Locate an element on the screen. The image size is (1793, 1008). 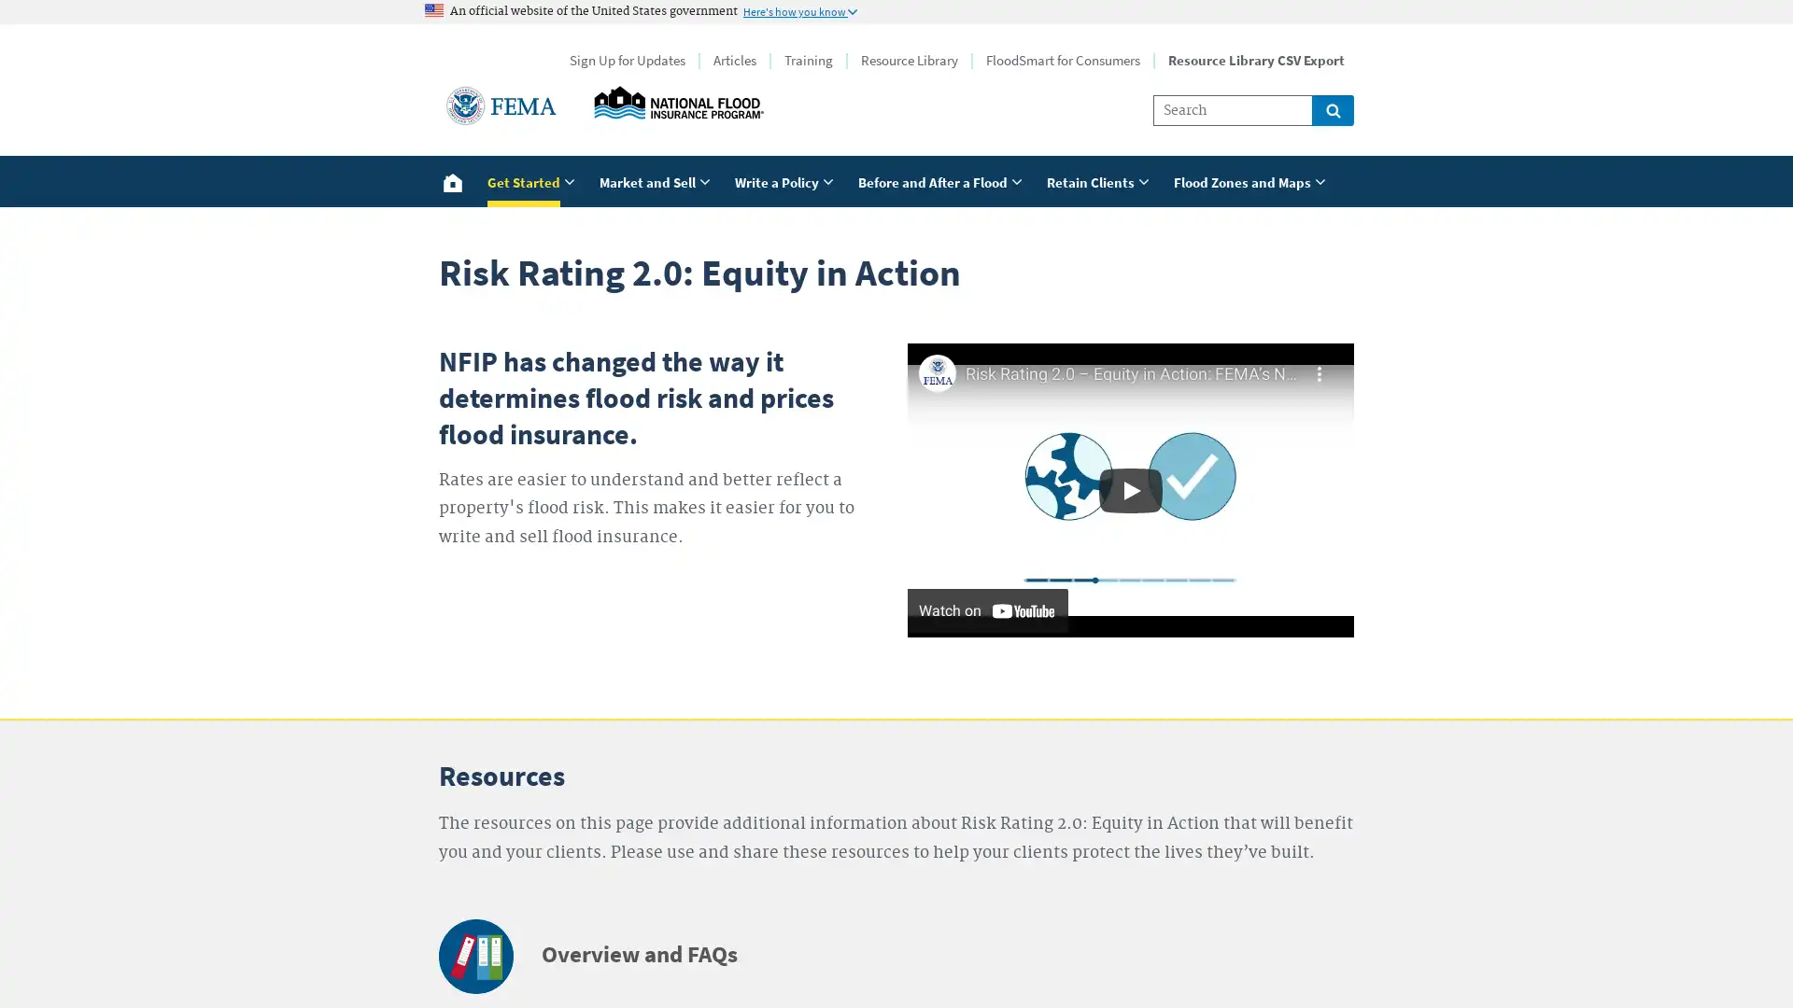
Use <enter> and shift + <enter> to open and close the drop down to sub-menus is located at coordinates (532, 180).